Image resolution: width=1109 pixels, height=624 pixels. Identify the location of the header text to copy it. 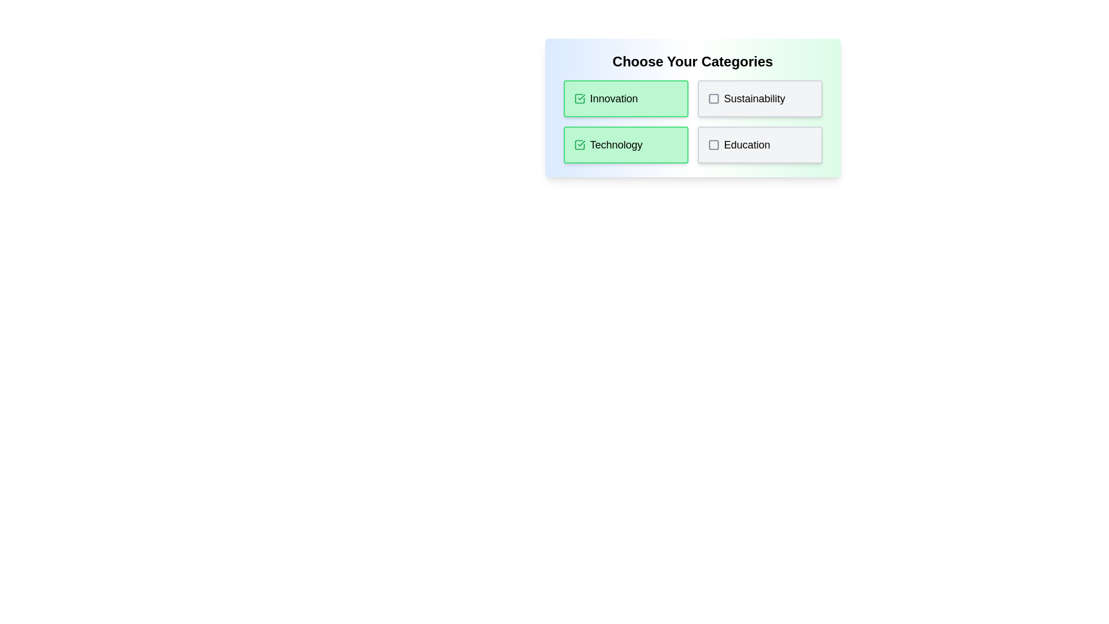
(693, 62).